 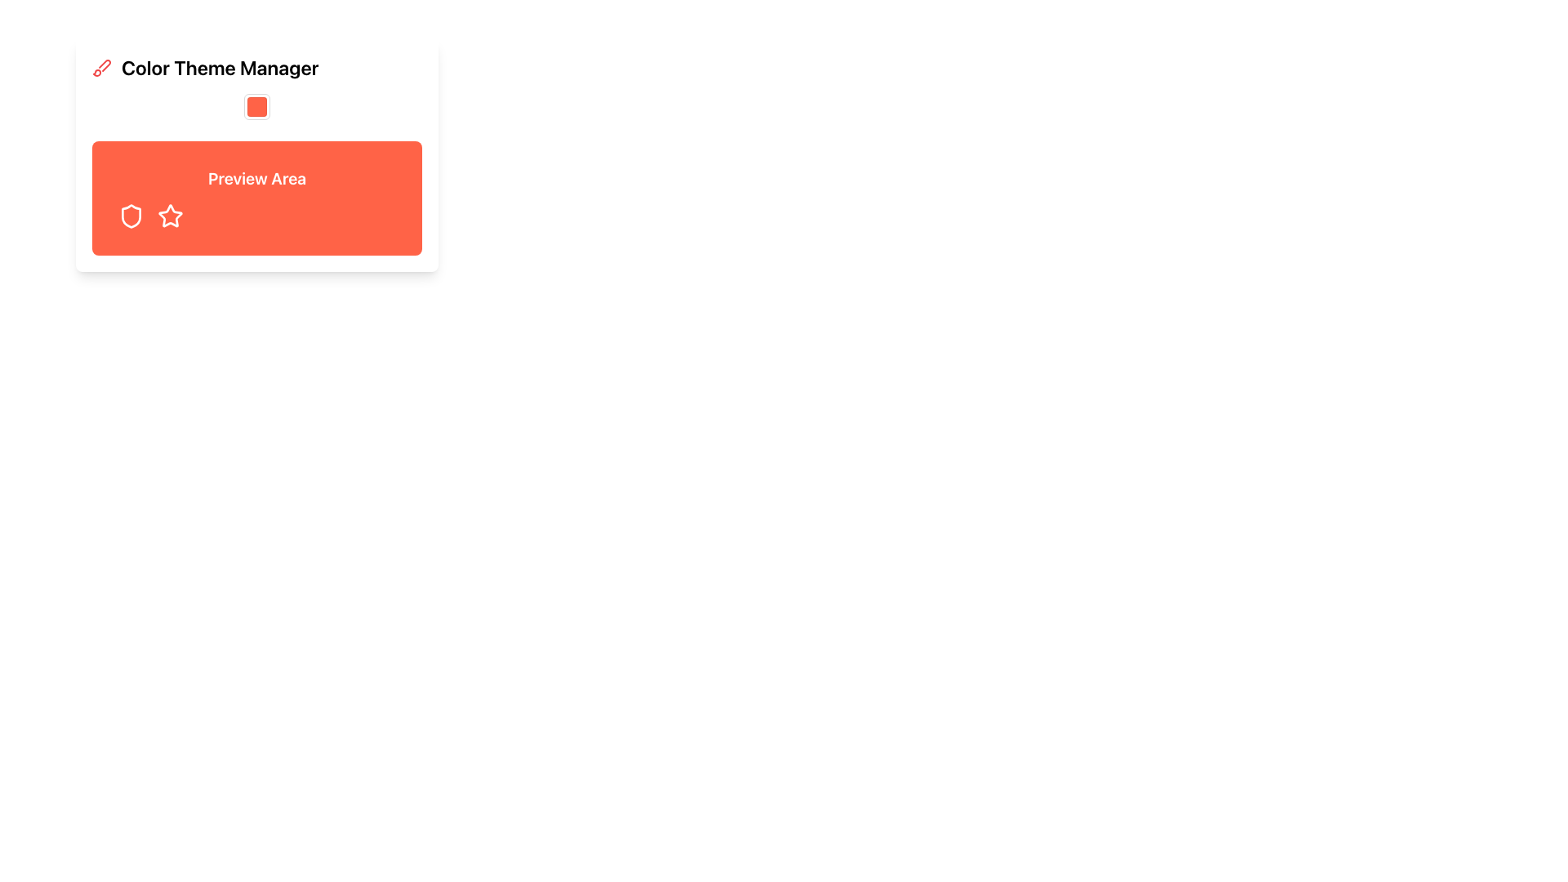 What do you see at coordinates (171, 216) in the screenshot?
I see `the star icon, which is the second item in a horizontal arrangement of icons located below the 'Preview Area' text and to the right of the shield-shaped icon` at bounding box center [171, 216].